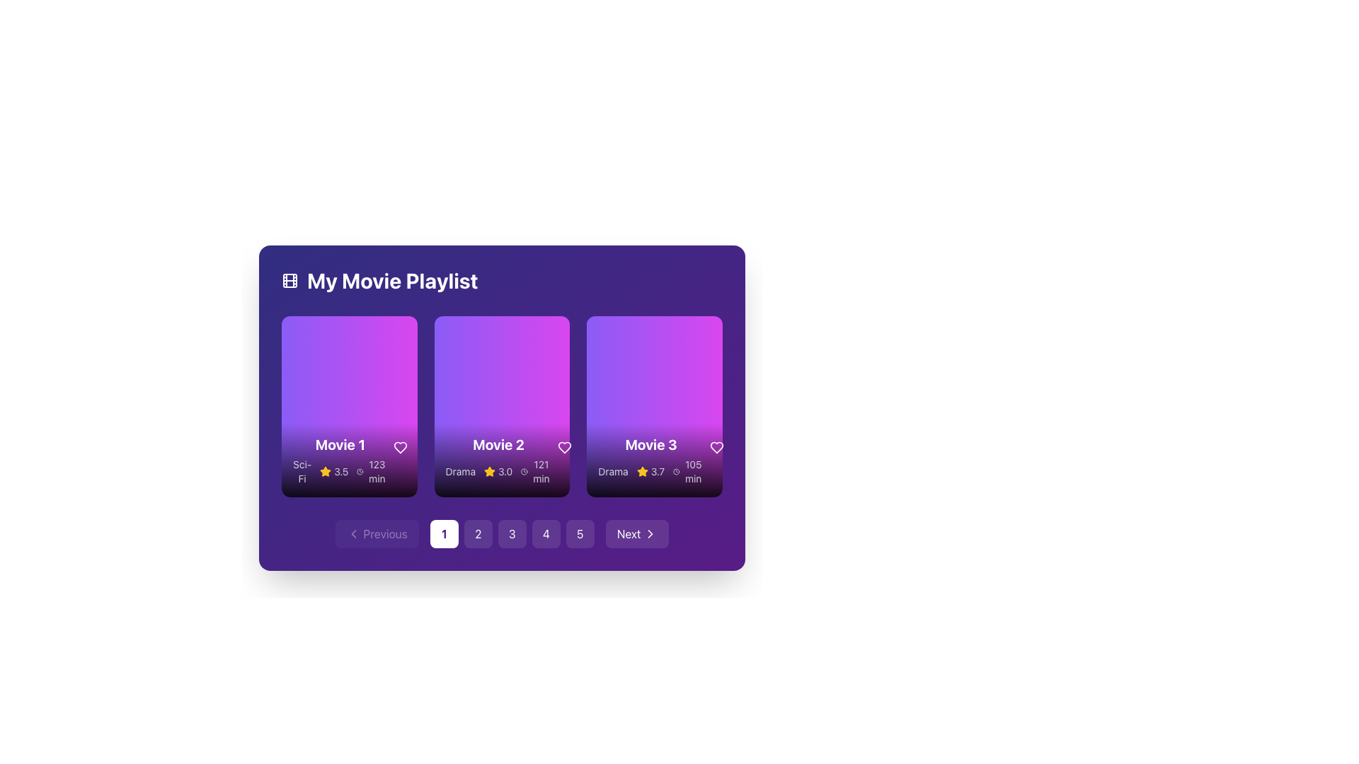  Describe the element at coordinates (325, 472) in the screenshot. I see `the yellow star icon that is positioned to the left of the rating '3.5' under the 'Movie 1' card in the 'My Movie Playlist' section` at that location.